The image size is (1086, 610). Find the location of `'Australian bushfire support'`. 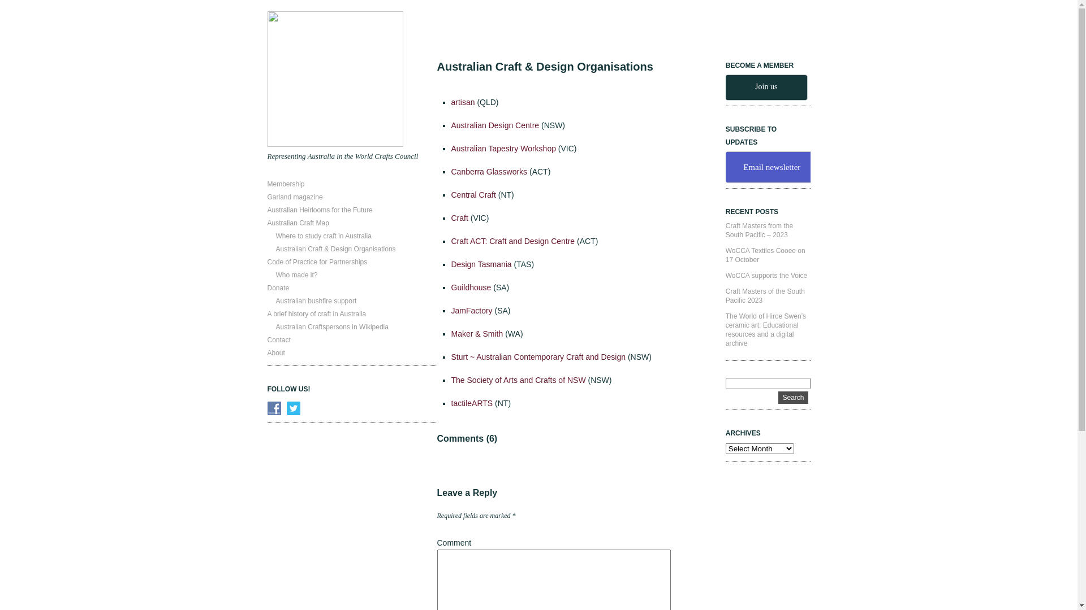

'Australian bushfire support' is located at coordinates (316, 300).